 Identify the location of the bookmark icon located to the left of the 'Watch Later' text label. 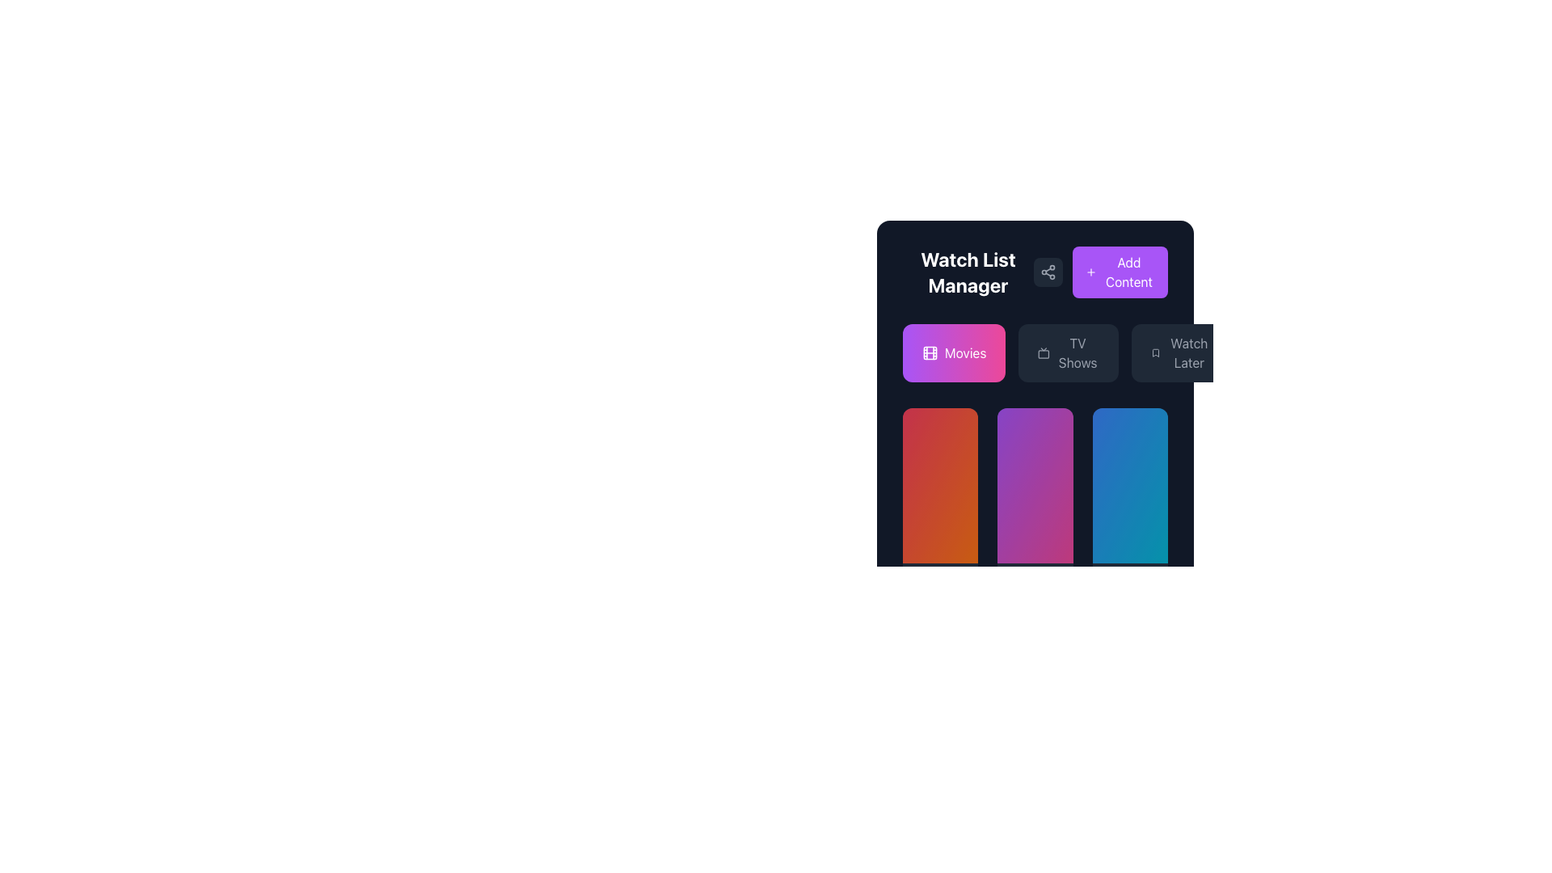
(1155, 352).